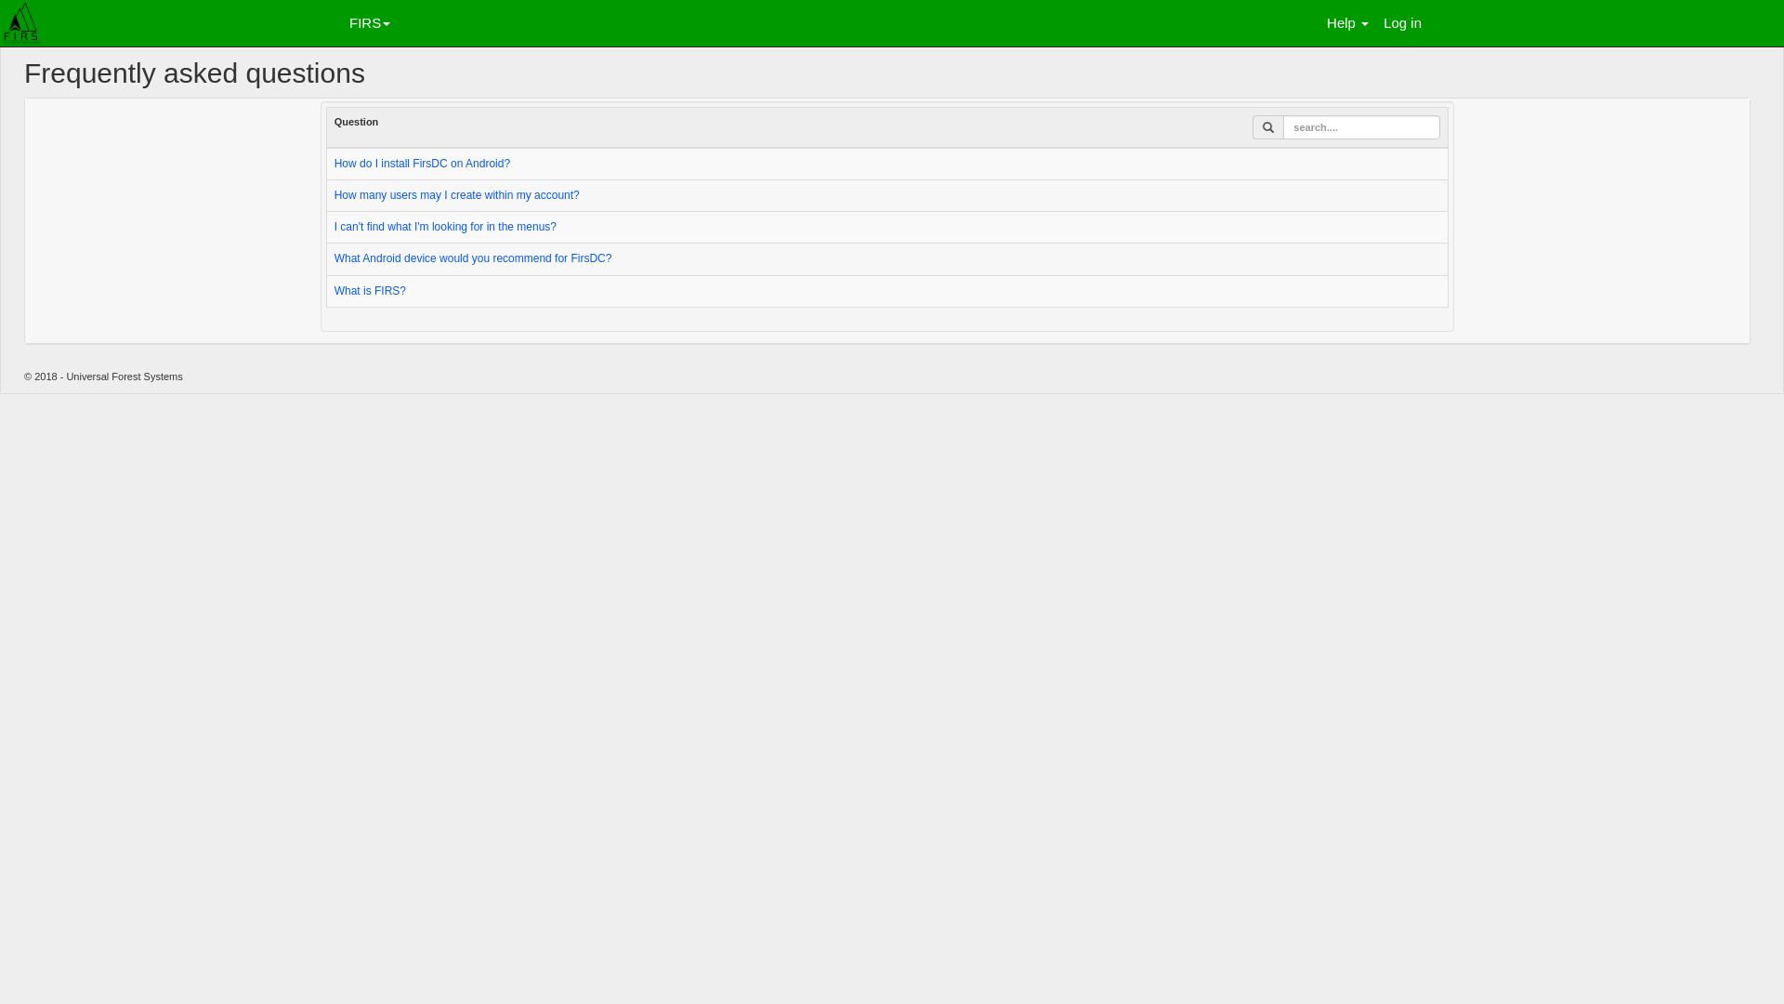 This screenshot has width=1784, height=1004. I want to click on 'What is FIRS?', so click(370, 291).